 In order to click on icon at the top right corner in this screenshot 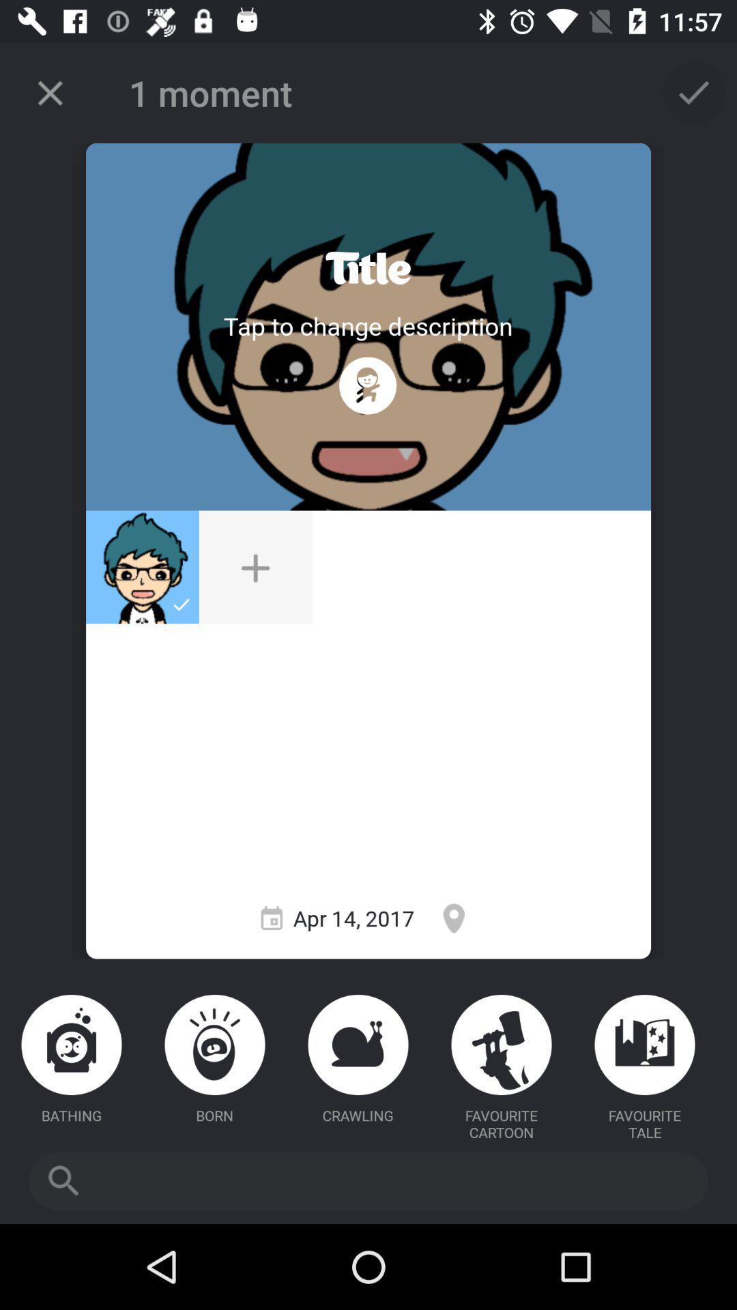, I will do `click(694, 92)`.